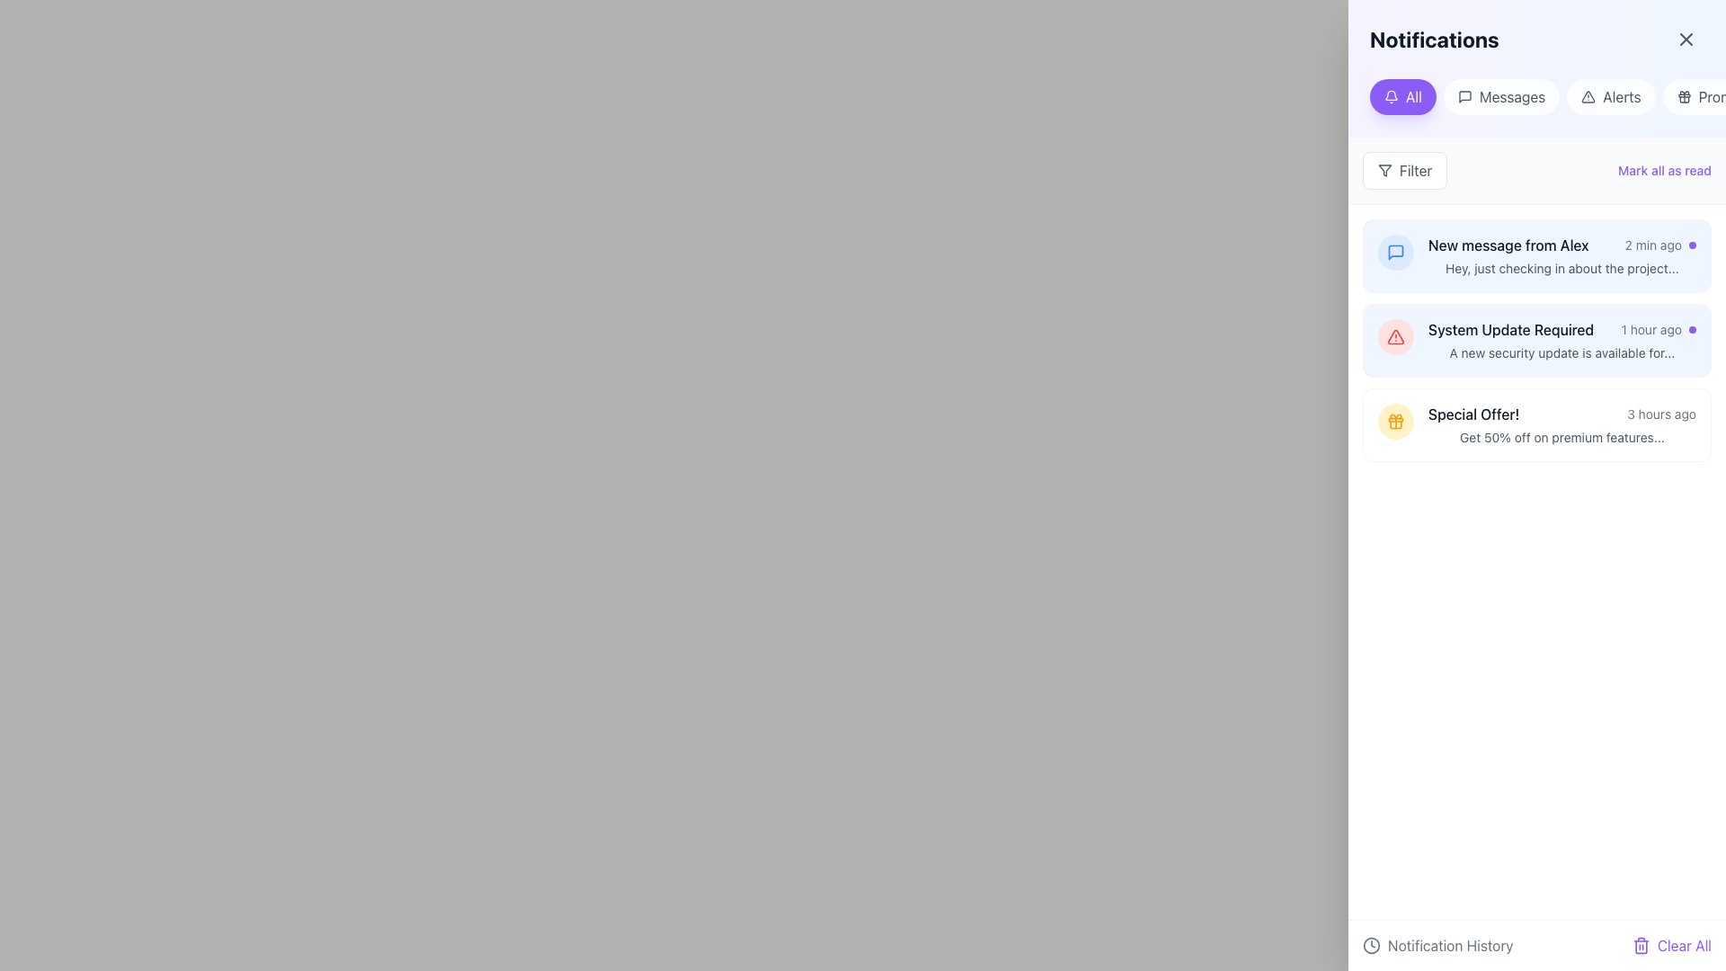  Describe the element at coordinates (1660, 414) in the screenshot. I see `the text label displaying '3 hours ago', which is located to the right of the bold 'Special Offer!' text in the bottom-most notification box` at that location.